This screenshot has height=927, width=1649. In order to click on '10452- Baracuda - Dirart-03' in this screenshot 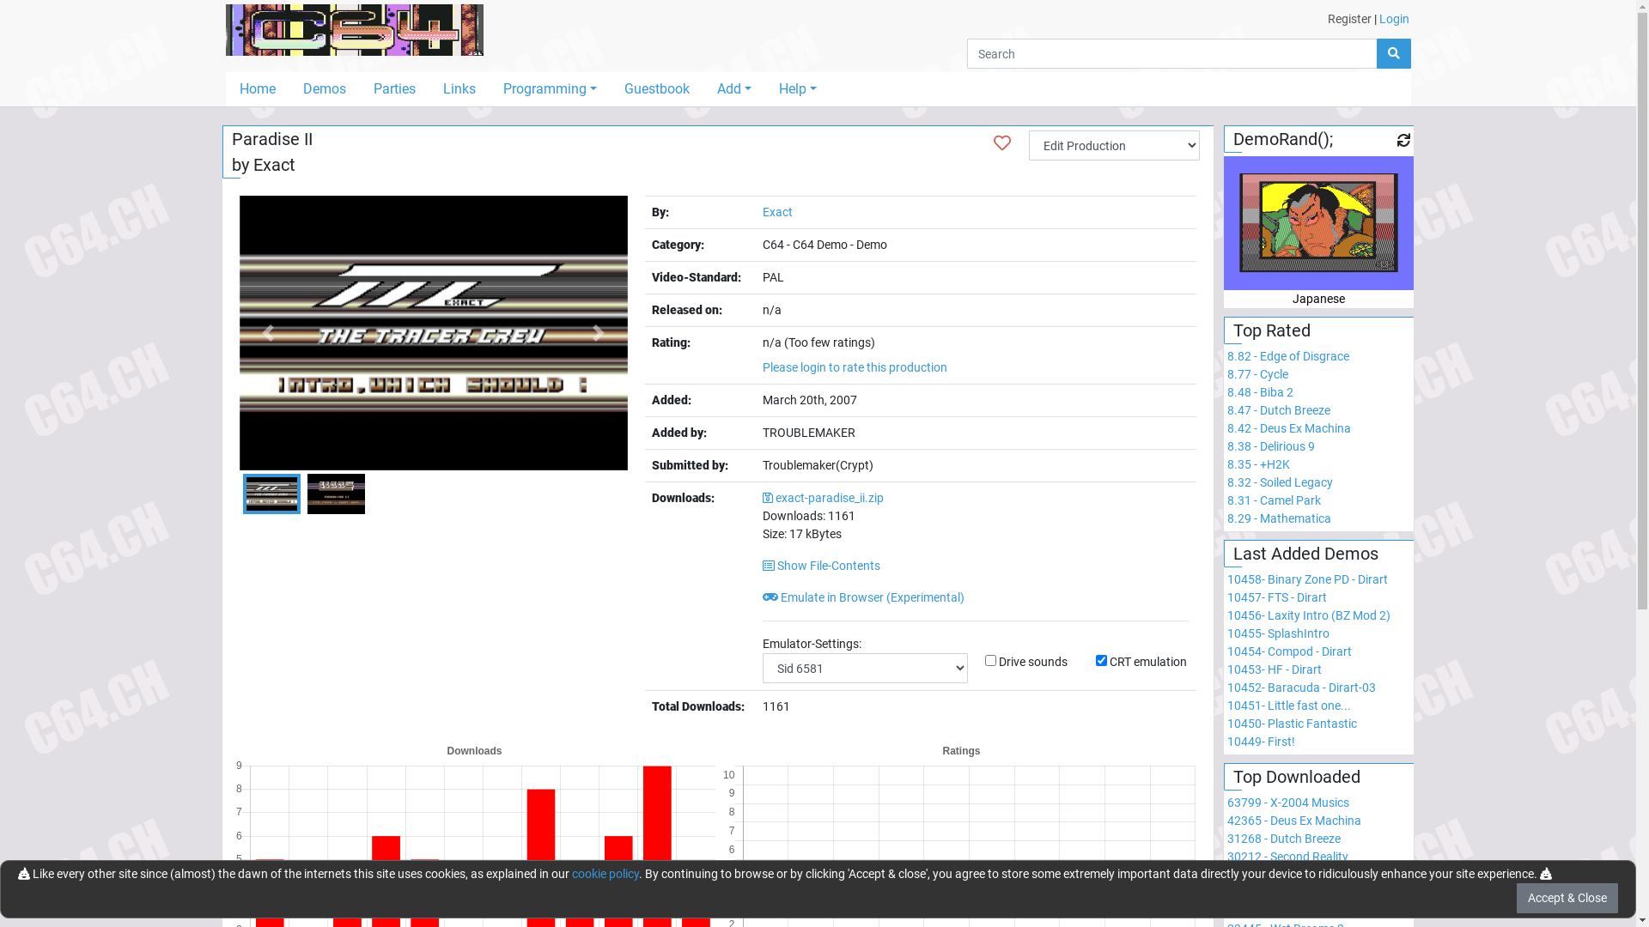, I will do `click(1301, 687)`.